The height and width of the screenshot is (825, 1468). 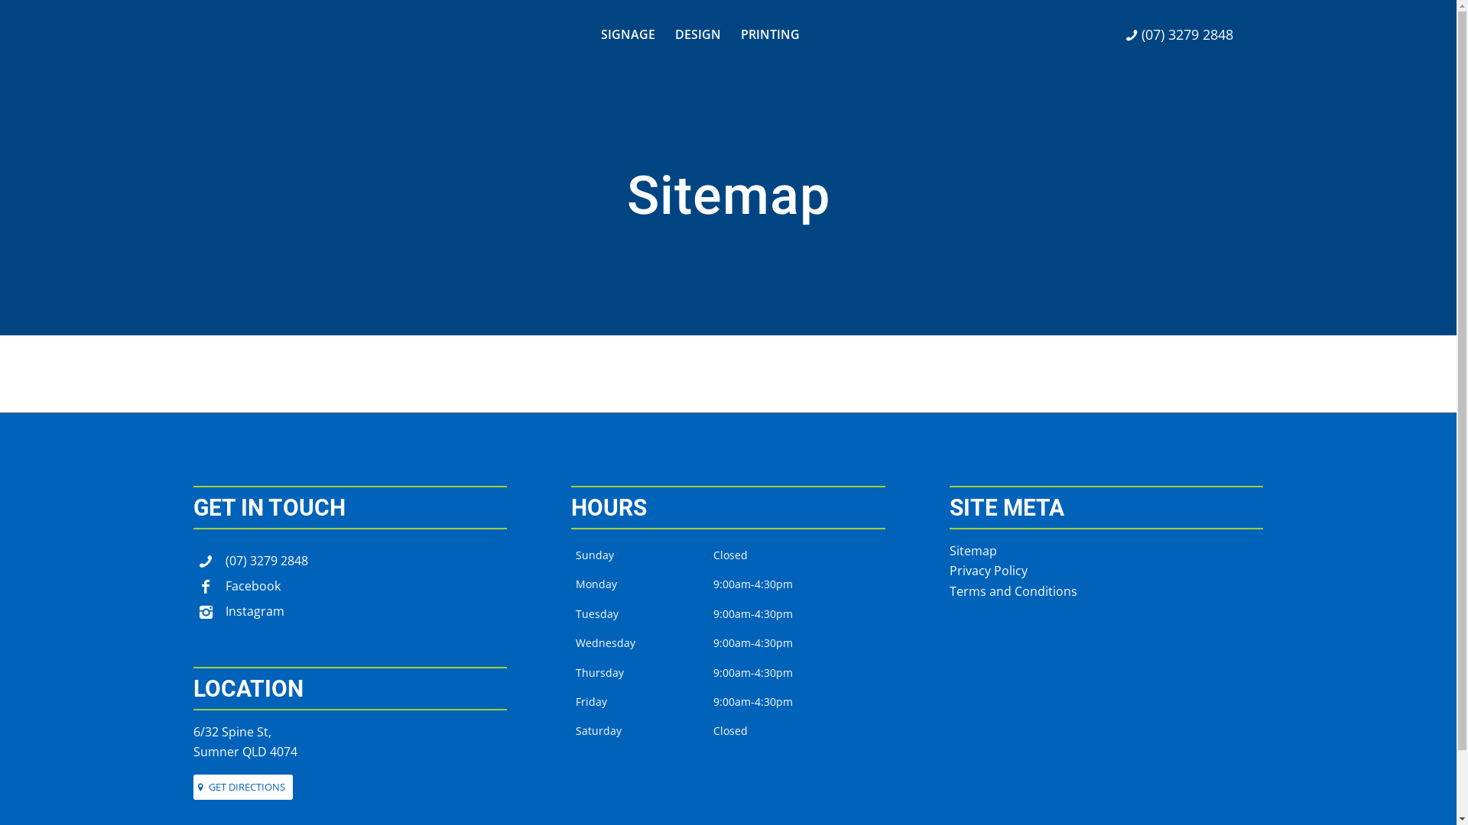 What do you see at coordinates (627, 34) in the screenshot?
I see `'SIGNAGE'` at bounding box center [627, 34].